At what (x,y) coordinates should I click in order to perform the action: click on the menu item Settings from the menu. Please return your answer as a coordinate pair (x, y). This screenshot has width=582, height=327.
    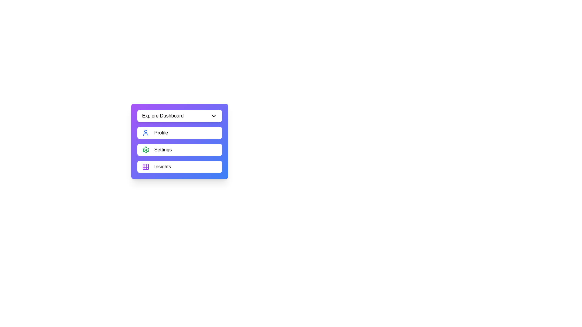
    Looking at the image, I should click on (179, 150).